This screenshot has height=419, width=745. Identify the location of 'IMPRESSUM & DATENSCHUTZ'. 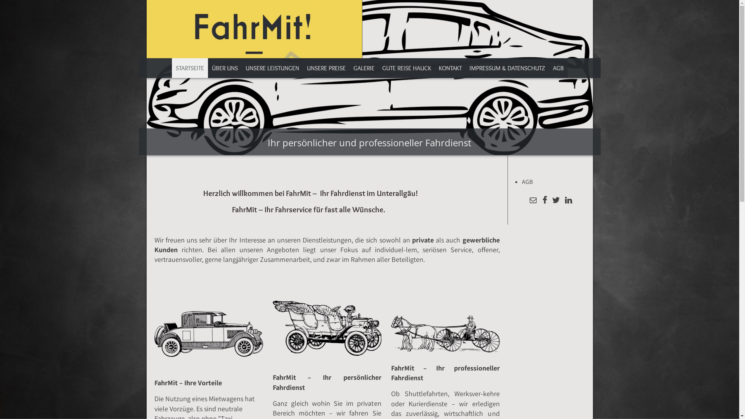
(507, 68).